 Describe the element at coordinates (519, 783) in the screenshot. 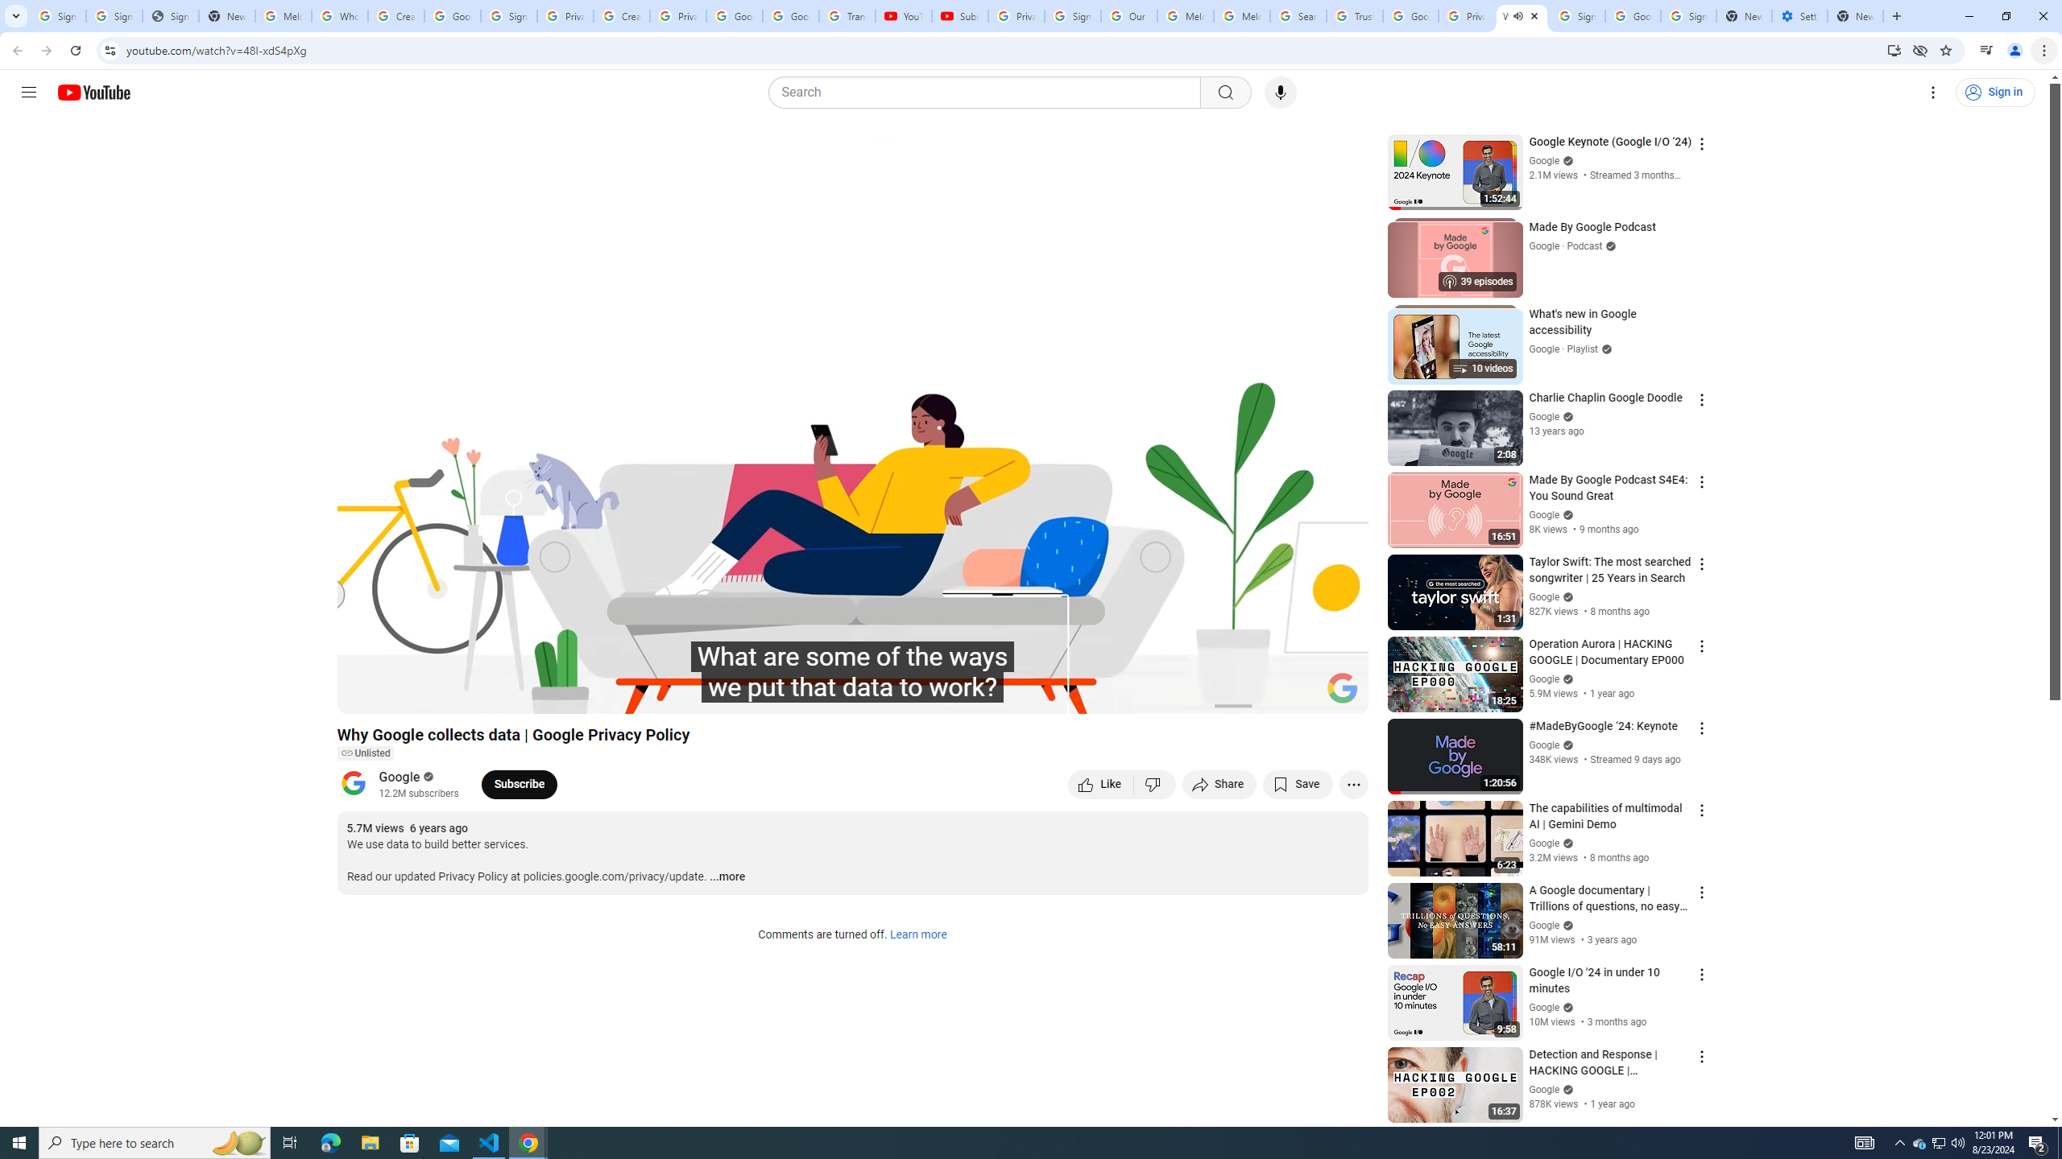

I see `'Subscribe to Google.'` at that location.